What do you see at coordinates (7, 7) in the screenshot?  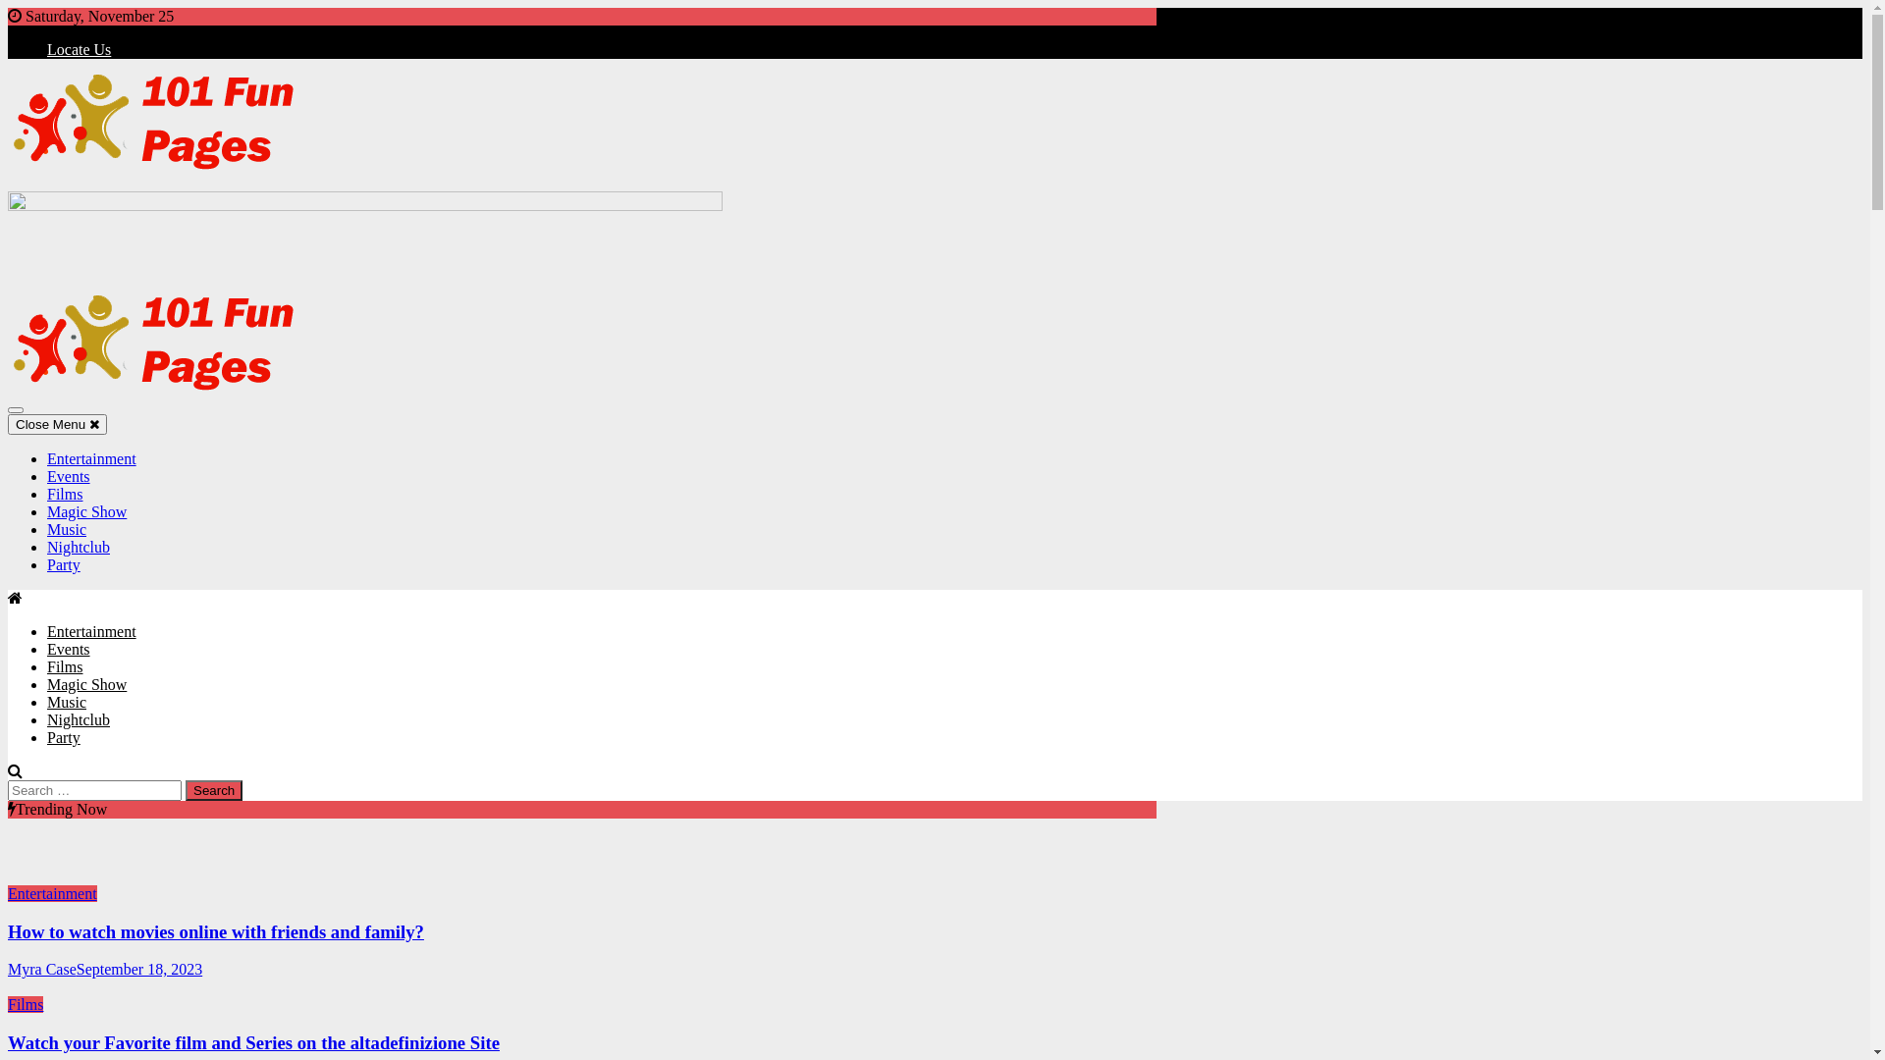 I see `'Skip to content'` at bounding box center [7, 7].